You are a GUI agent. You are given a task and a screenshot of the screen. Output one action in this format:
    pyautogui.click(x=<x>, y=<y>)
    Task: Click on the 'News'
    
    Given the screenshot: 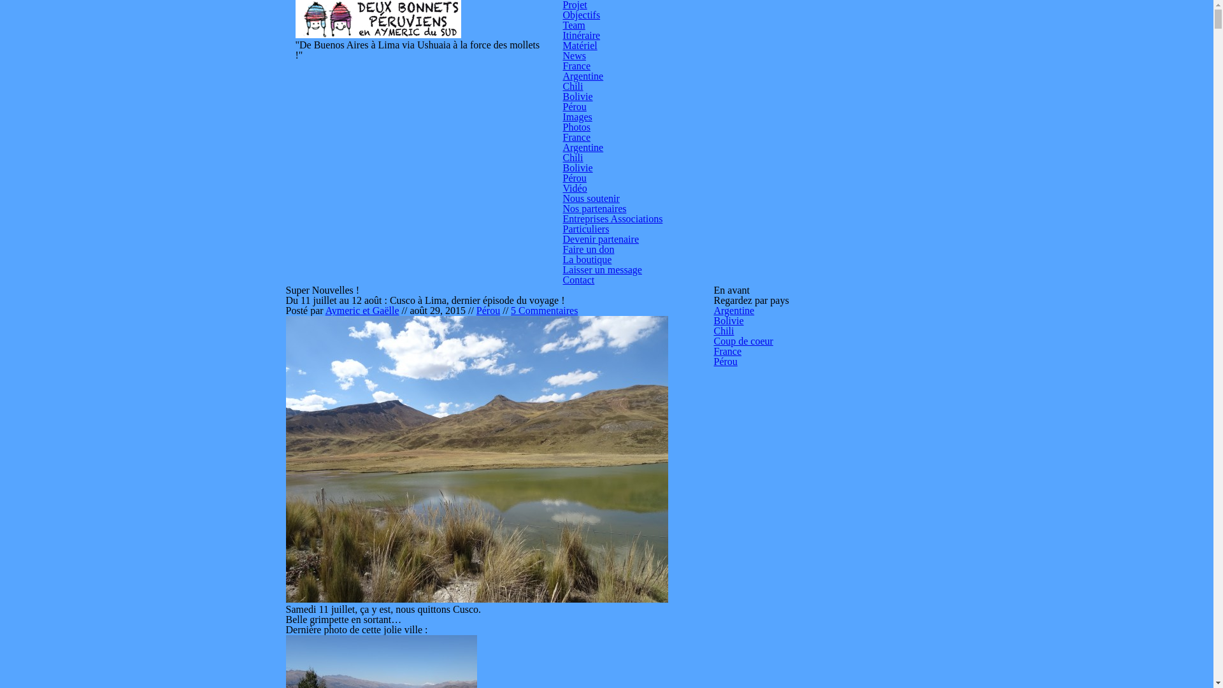 What is the action you would take?
    pyautogui.click(x=574, y=55)
    